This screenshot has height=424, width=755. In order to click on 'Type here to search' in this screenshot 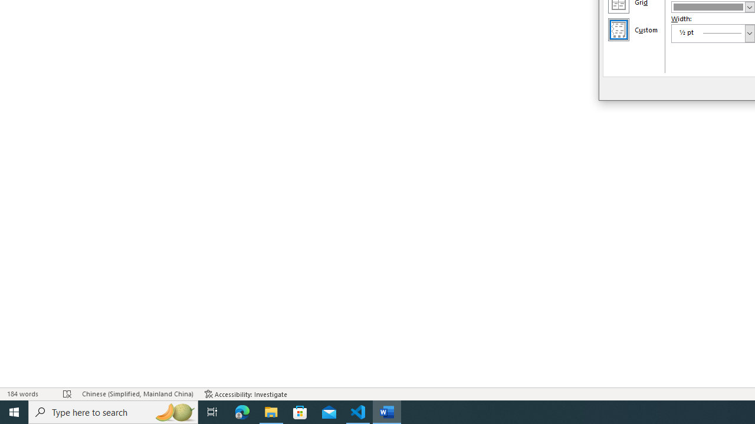, I will do `click(113, 411)`.